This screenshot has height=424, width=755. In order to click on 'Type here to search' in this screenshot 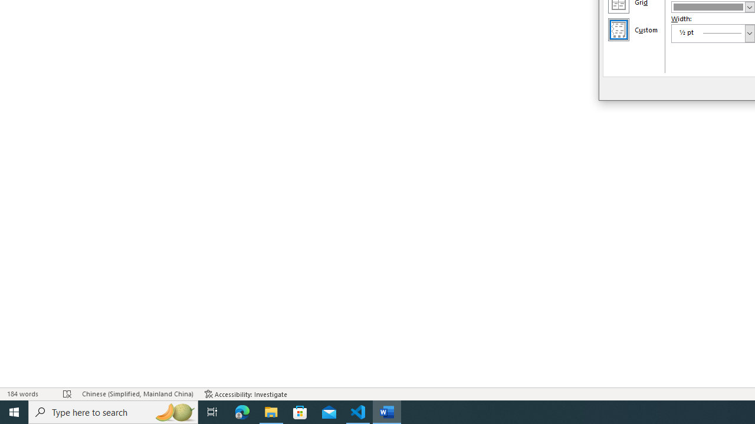, I will do `click(113, 411)`.